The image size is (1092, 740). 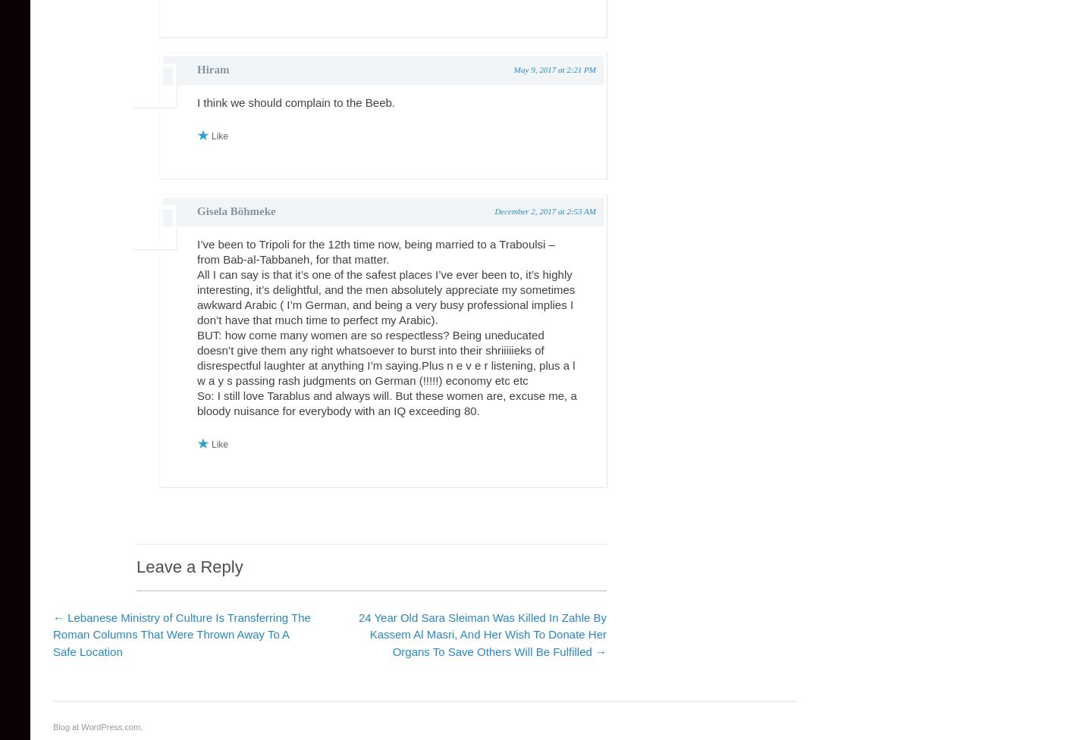 I want to click on 'I’ve been to Tripoli for the 12th time now, being married to a Traboulsi  – from Bab-al-Tabbaneh, for that matter.', so click(x=375, y=251).